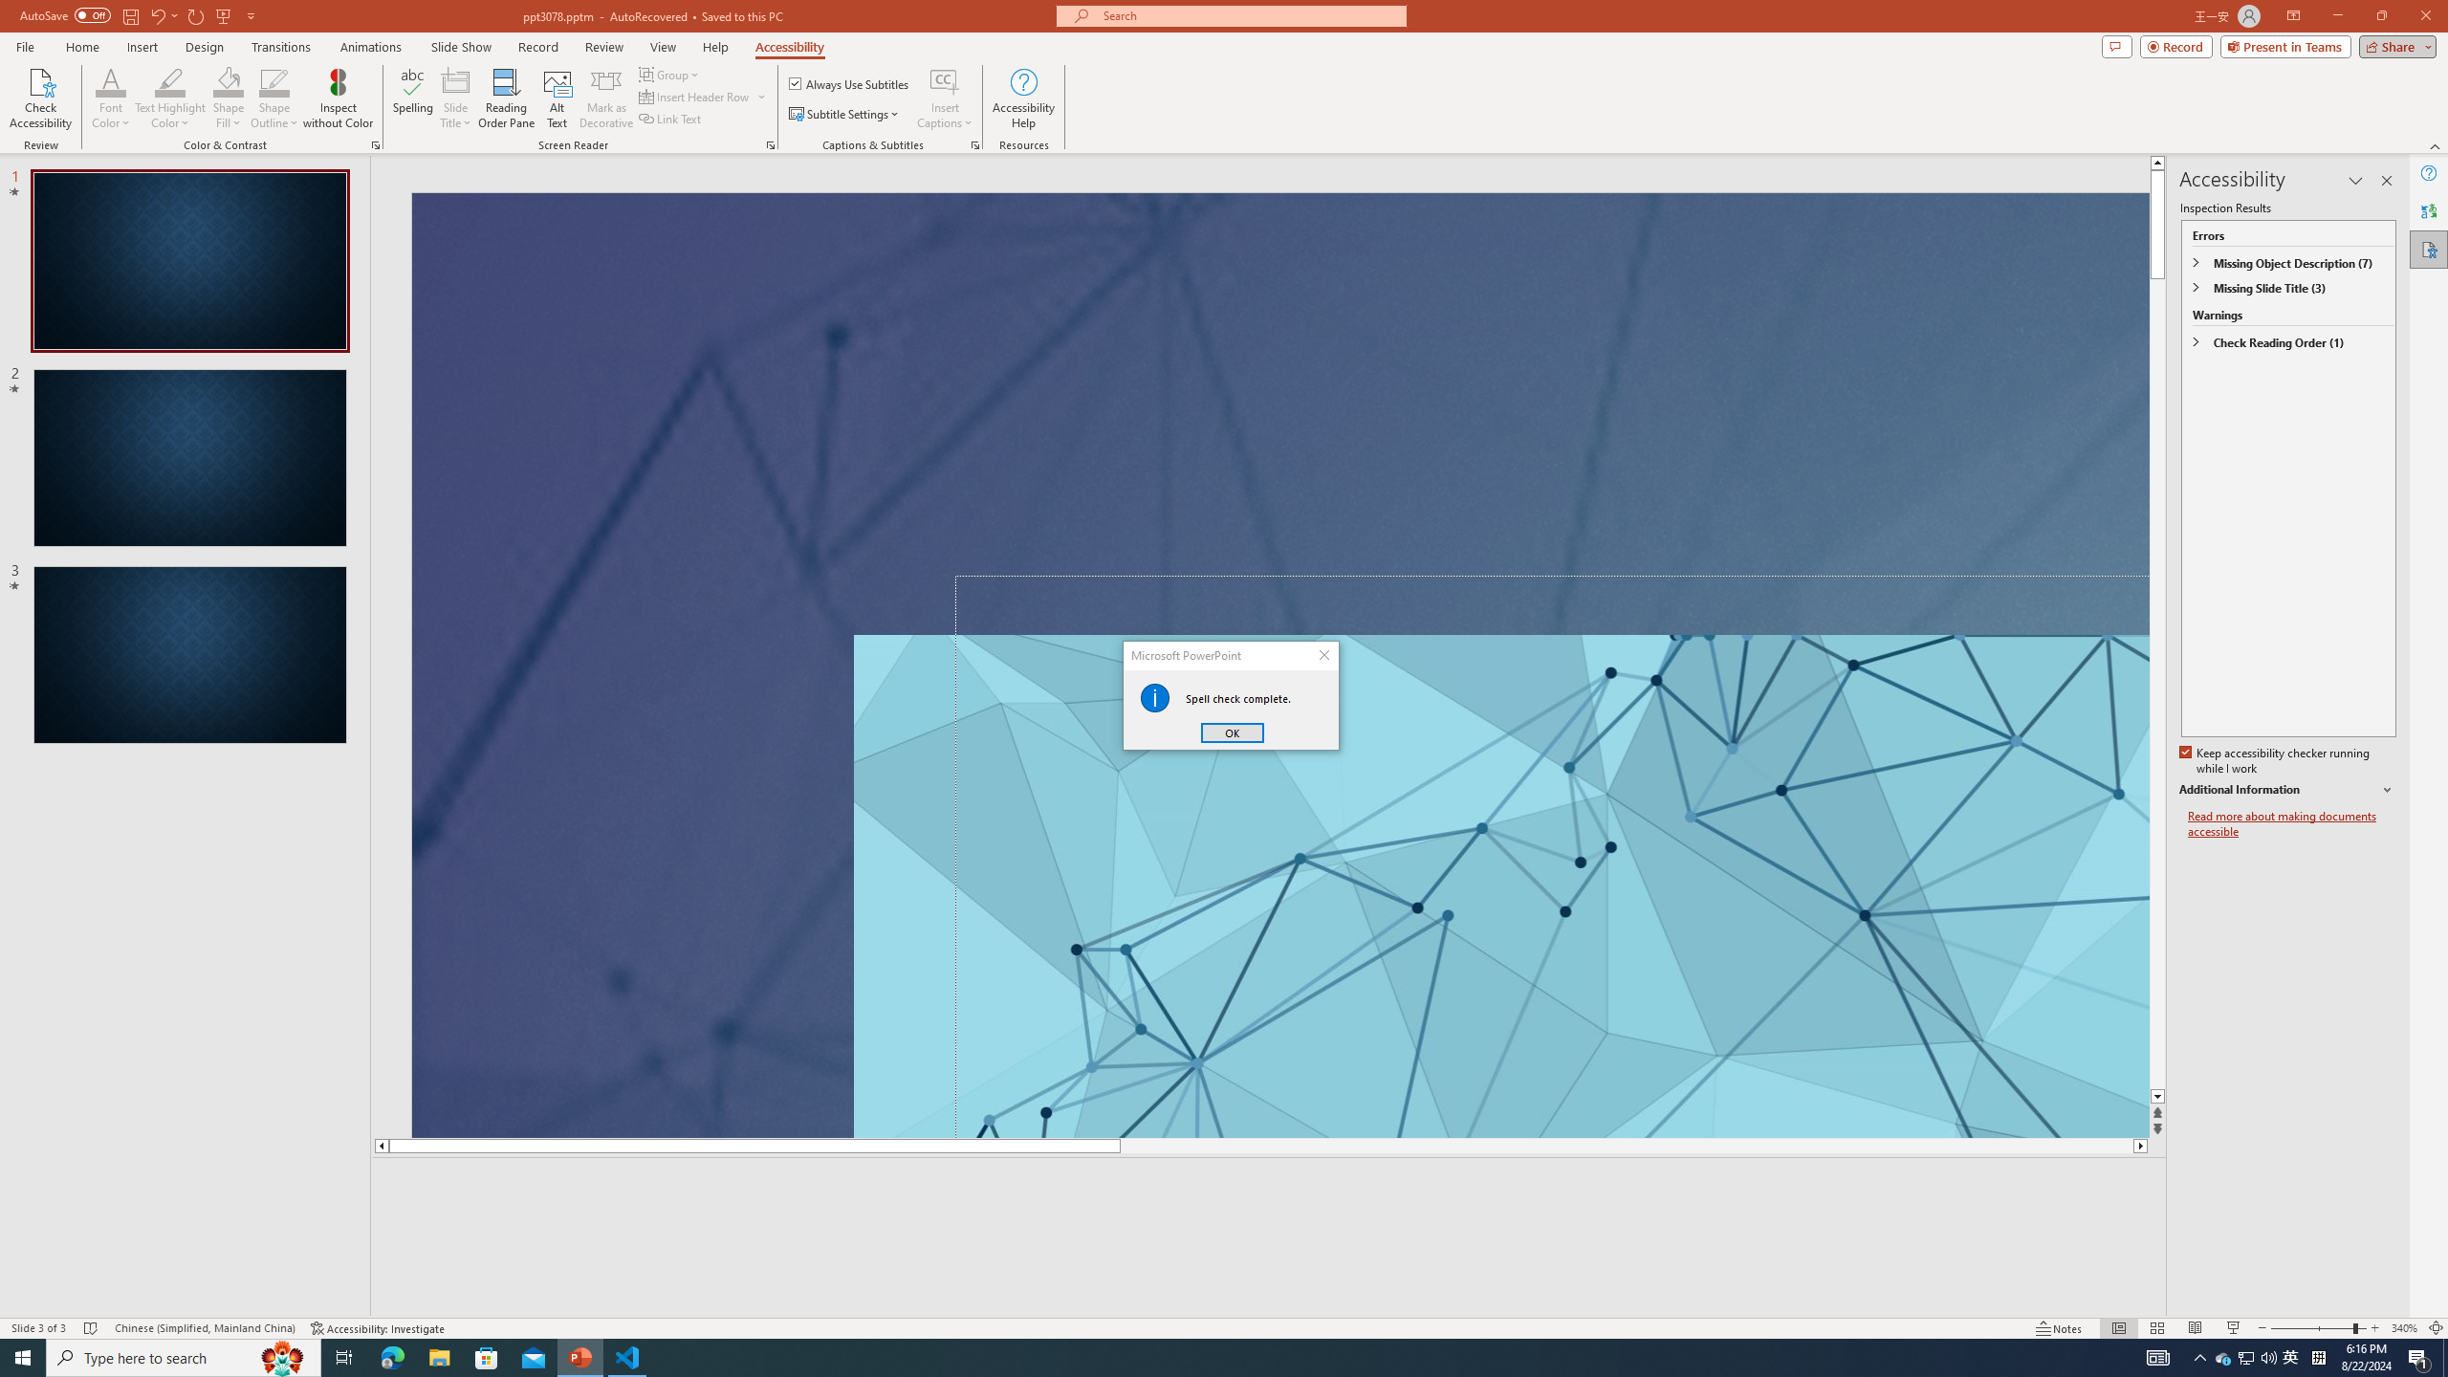 The image size is (2448, 1377). Describe the element at coordinates (771, 143) in the screenshot. I see `'Screen Reader'` at that location.